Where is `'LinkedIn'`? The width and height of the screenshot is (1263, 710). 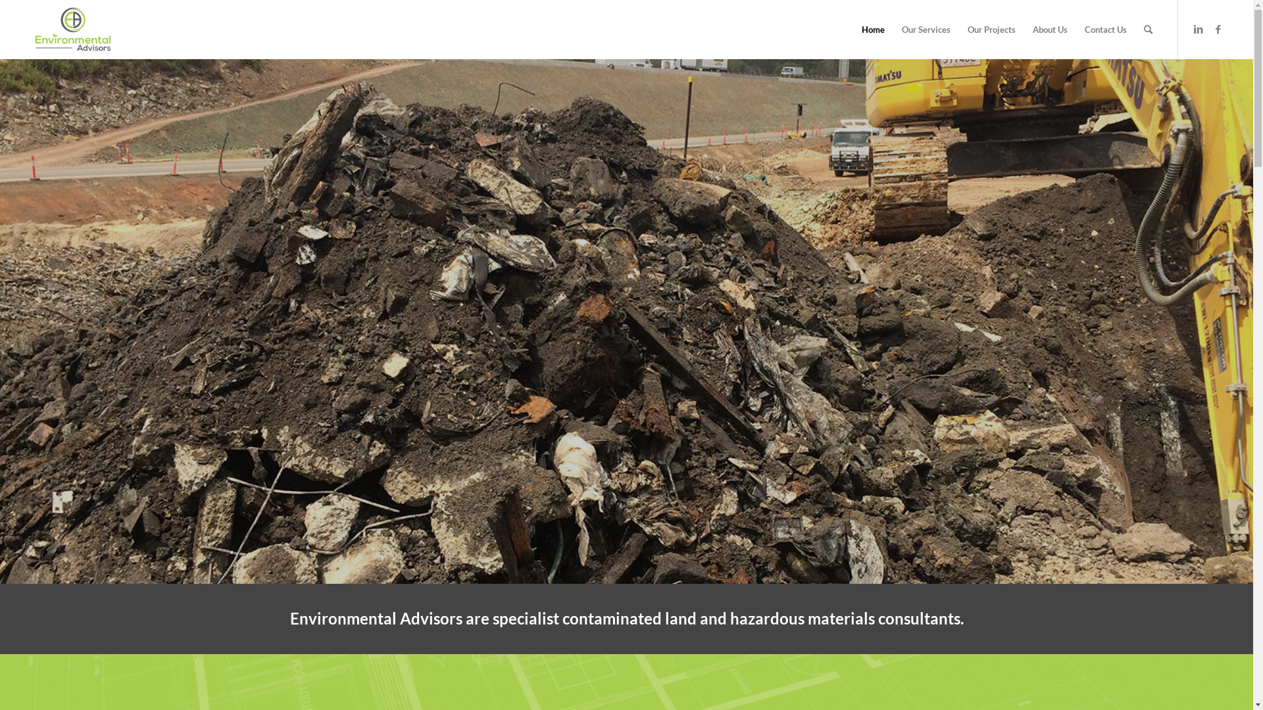
'LinkedIn' is located at coordinates (1199, 28).